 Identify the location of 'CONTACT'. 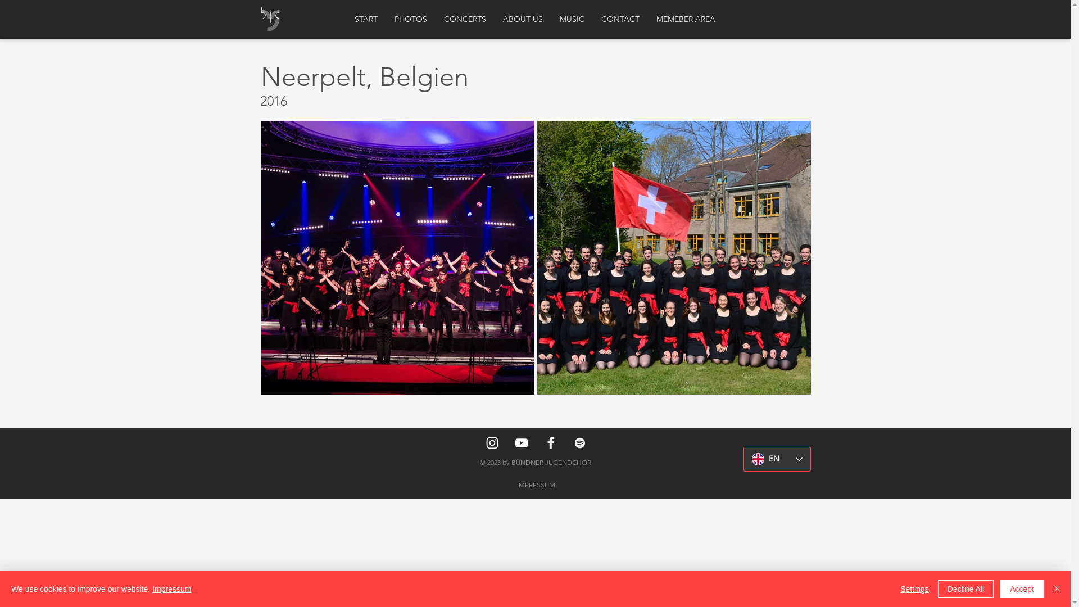
(620, 19).